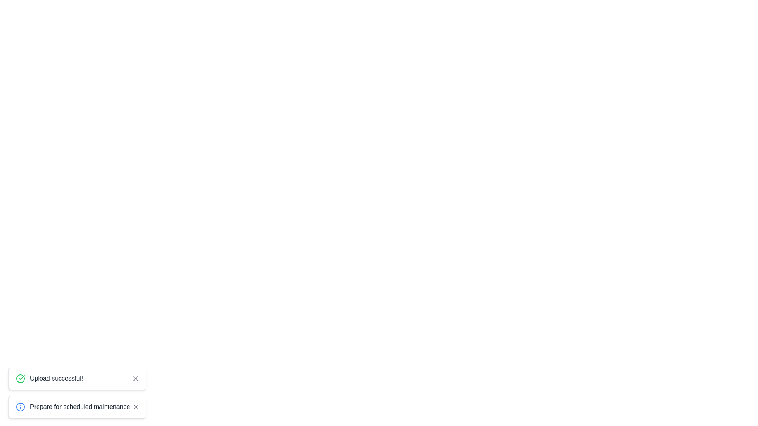  I want to click on the close button of the notification with the message 'Prepare for scheduled maintenance.', so click(135, 407).